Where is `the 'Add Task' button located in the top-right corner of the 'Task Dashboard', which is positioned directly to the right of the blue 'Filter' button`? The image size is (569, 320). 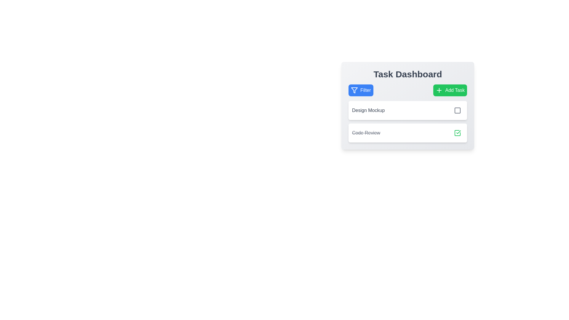 the 'Add Task' button located in the top-right corner of the 'Task Dashboard', which is positioned directly to the right of the blue 'Filter' button is located at coordinates (450, 90).